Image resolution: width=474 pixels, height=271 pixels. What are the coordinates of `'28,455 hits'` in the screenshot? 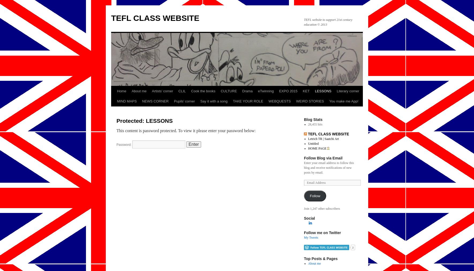 It's located at (315, 124).